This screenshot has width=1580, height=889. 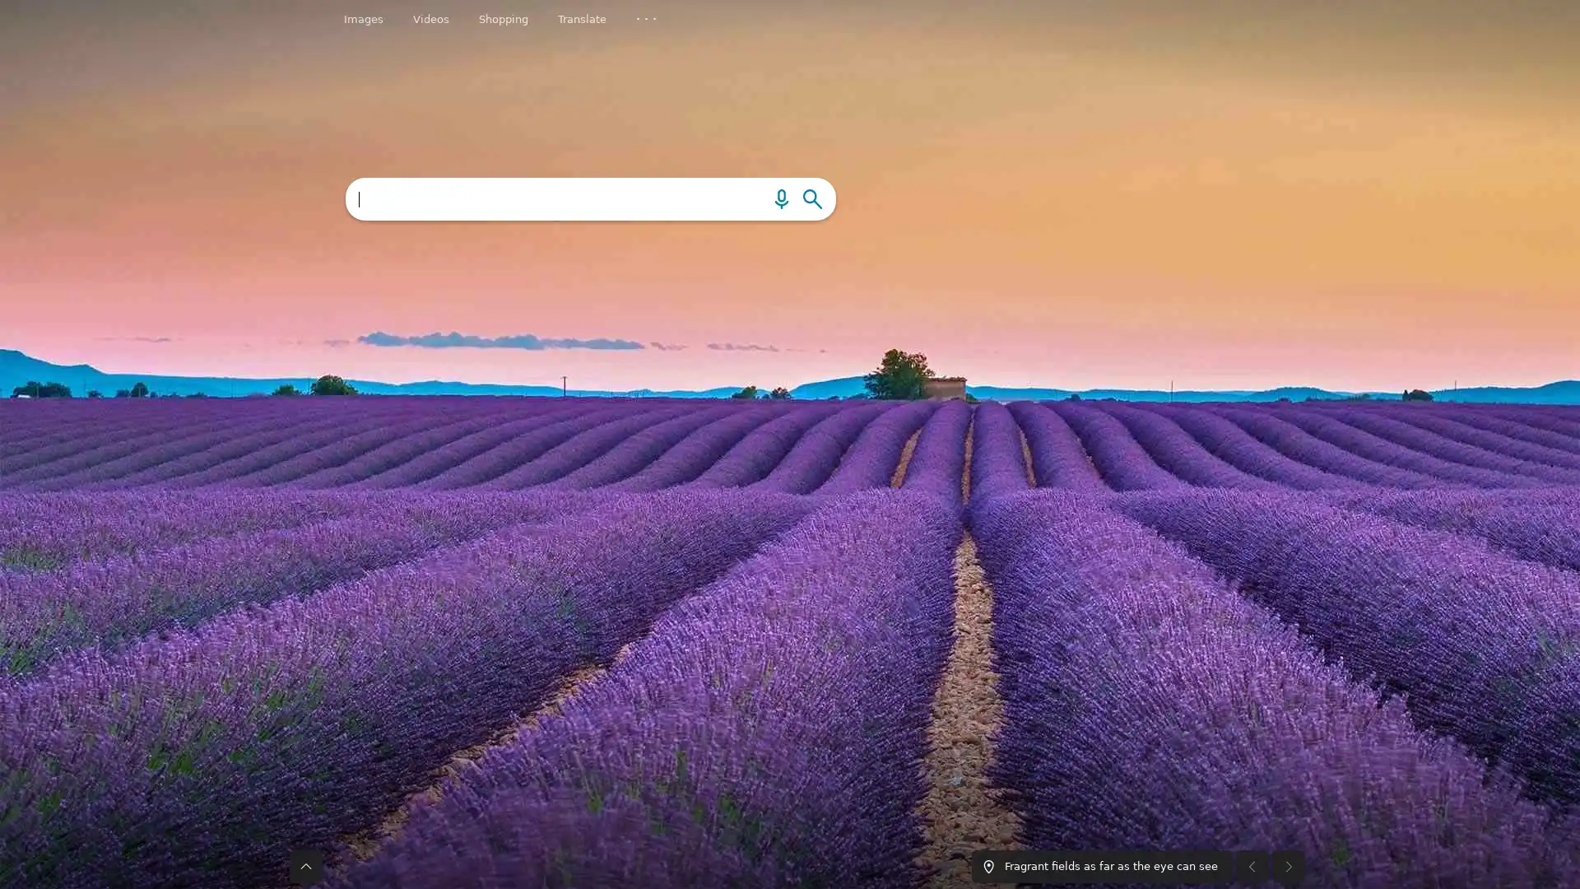 I want to click on More news, so click(x=1343, y=723).